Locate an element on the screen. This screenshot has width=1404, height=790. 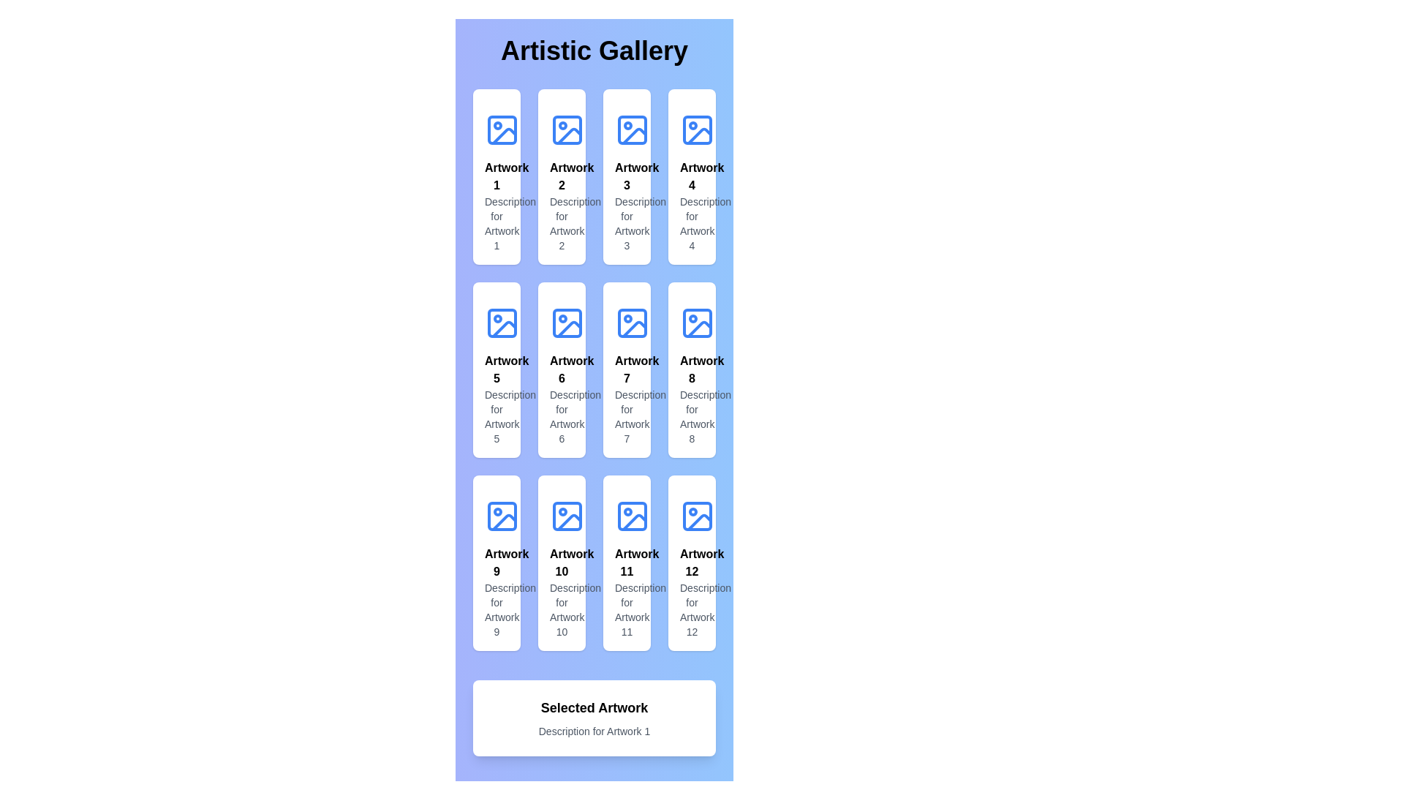
the Text label that serves as a title or label for the artwork, positioned in the third column of the first row within a grid structure, directly below an image icon and above a description text is located at coordinates (627, 176).